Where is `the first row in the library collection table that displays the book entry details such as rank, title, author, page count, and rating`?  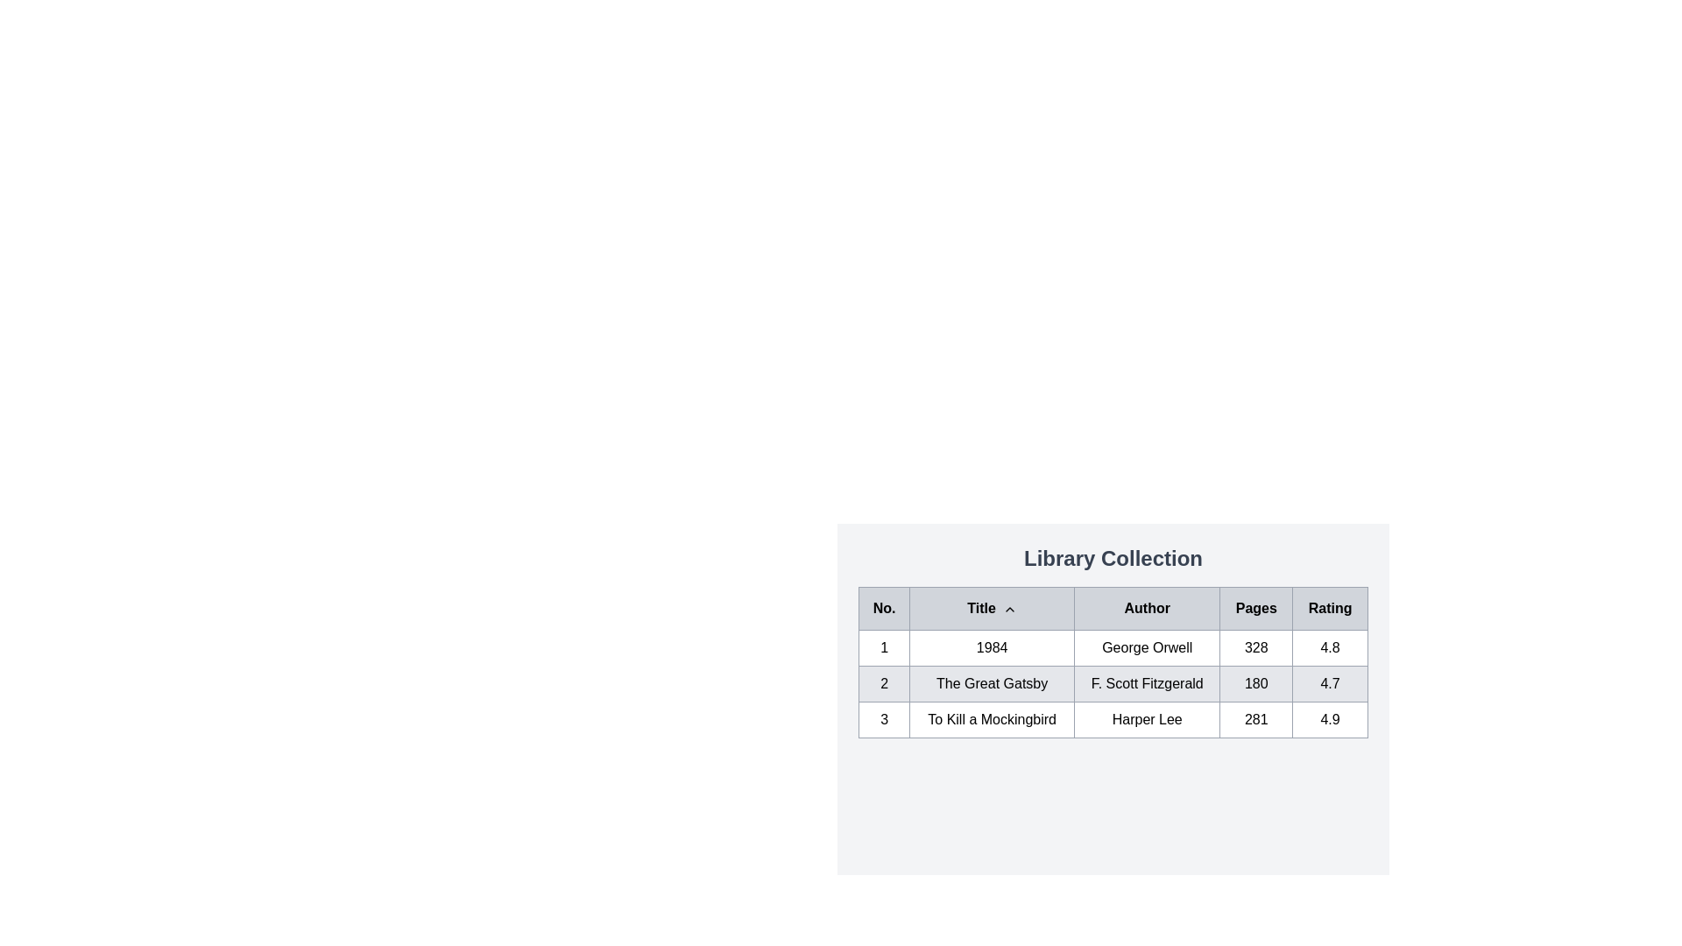
the first row in the library collection table that displays the book entry details such as rank, title, author, page count, and rating is located at coordinates (1113, 648).